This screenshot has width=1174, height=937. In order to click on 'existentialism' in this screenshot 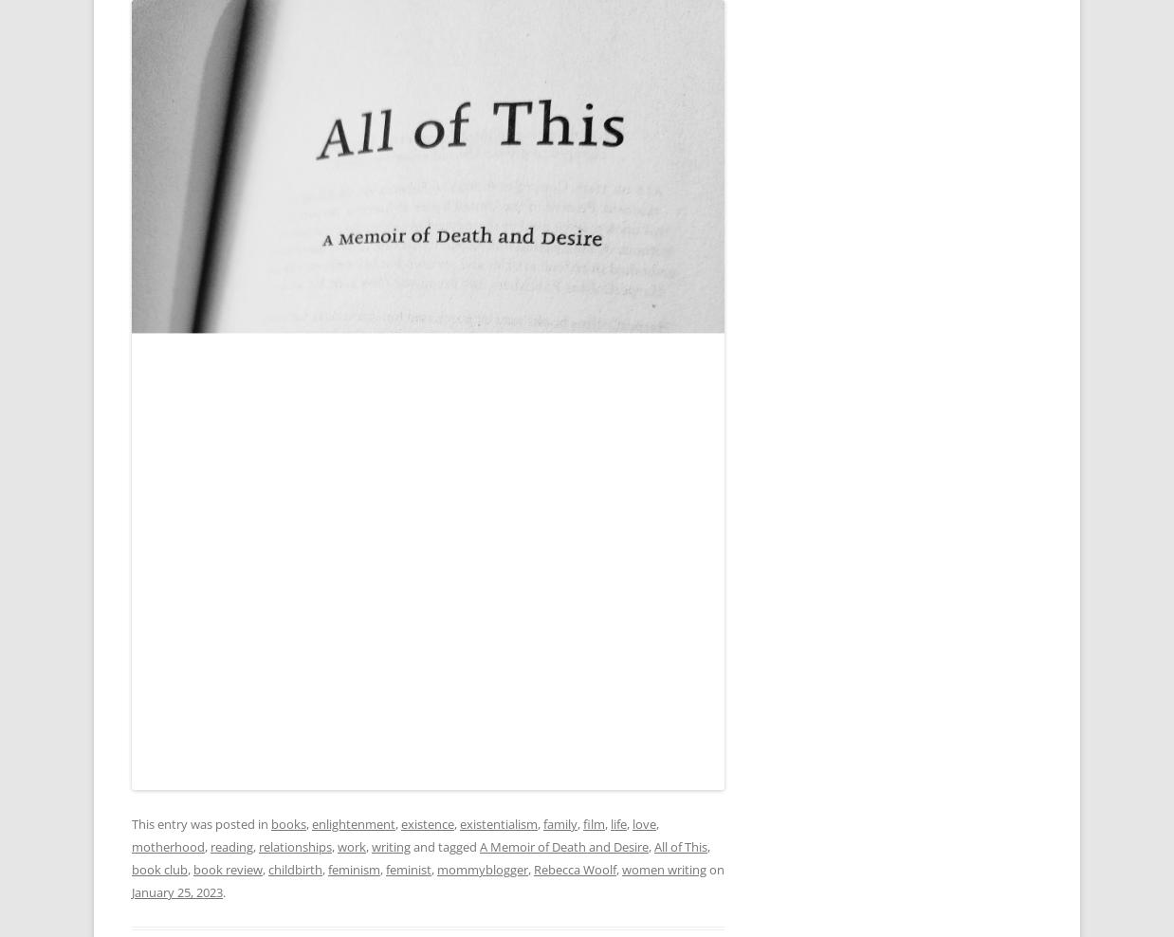, I will do `click(499, 823)`.